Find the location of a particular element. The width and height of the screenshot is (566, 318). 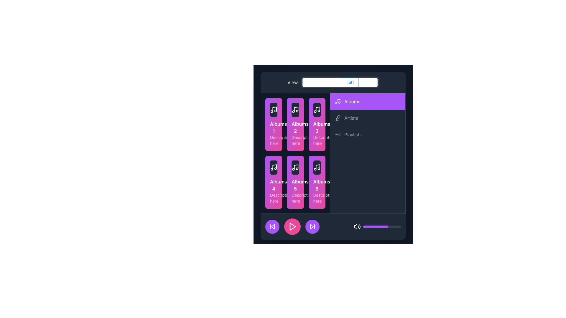

the 'Left' radio button, which is the third button in a group of four radio buttons labeled 'Top', 'Bottom', 'Left', and 'Right' is located at coordinates (350, 82).